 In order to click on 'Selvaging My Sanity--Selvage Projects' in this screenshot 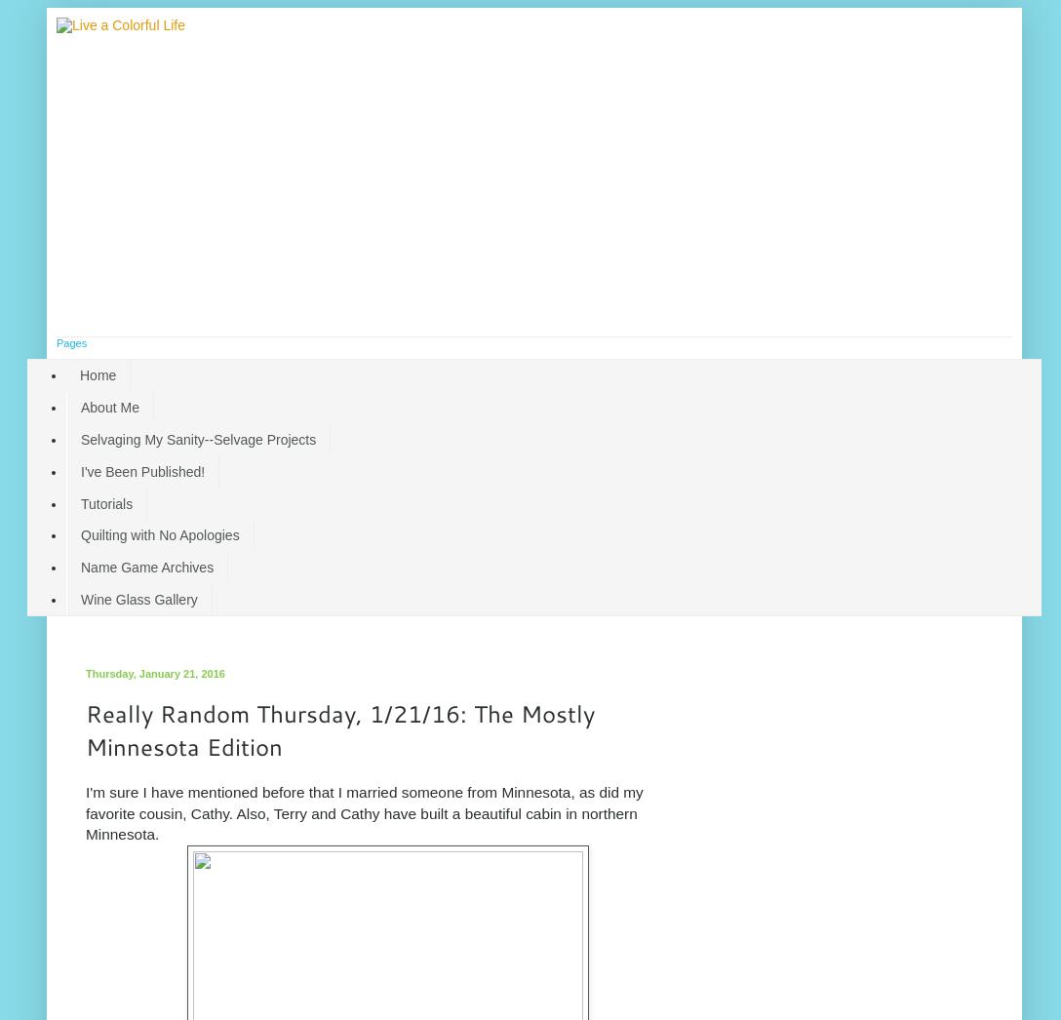, I will do `click(197, 437)`.